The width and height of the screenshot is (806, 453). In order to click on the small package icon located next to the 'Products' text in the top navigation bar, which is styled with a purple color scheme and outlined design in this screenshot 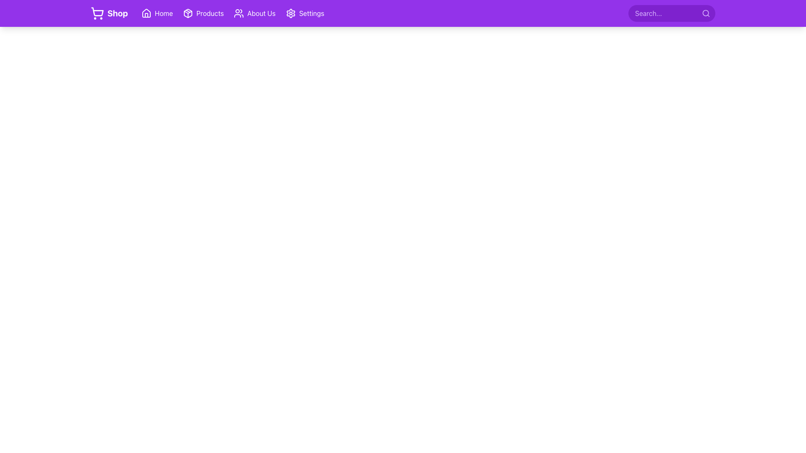, I will do `click(187, 13)`.